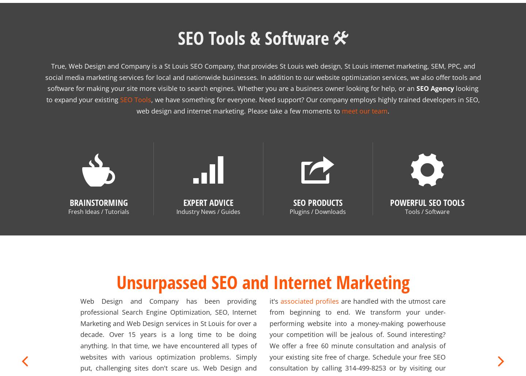 This screenshot has width=526, height=376. What do you see at coordinates (120, 91) in the screenshot?
I see `'SEO Tools'` at bounding box center [120, 91].